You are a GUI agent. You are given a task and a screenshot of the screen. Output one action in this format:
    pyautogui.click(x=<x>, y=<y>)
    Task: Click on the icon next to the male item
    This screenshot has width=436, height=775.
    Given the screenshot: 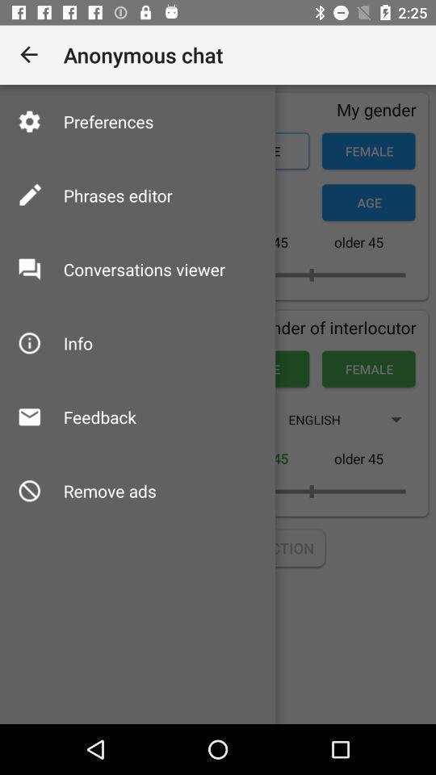 What is the action you would take?
    pyautogui.click(x=108, y=120)
    